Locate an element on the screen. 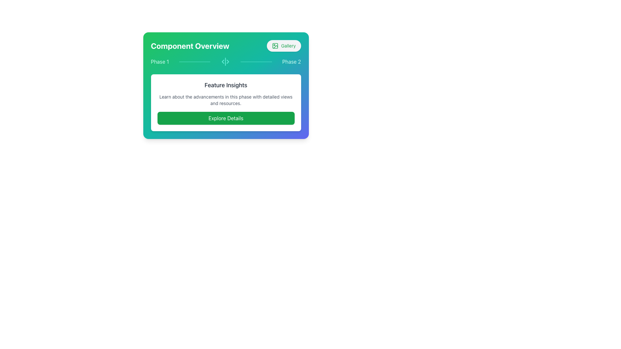  the button located to the right of the 'Component Overview' header is located at coordinates (284, 46).